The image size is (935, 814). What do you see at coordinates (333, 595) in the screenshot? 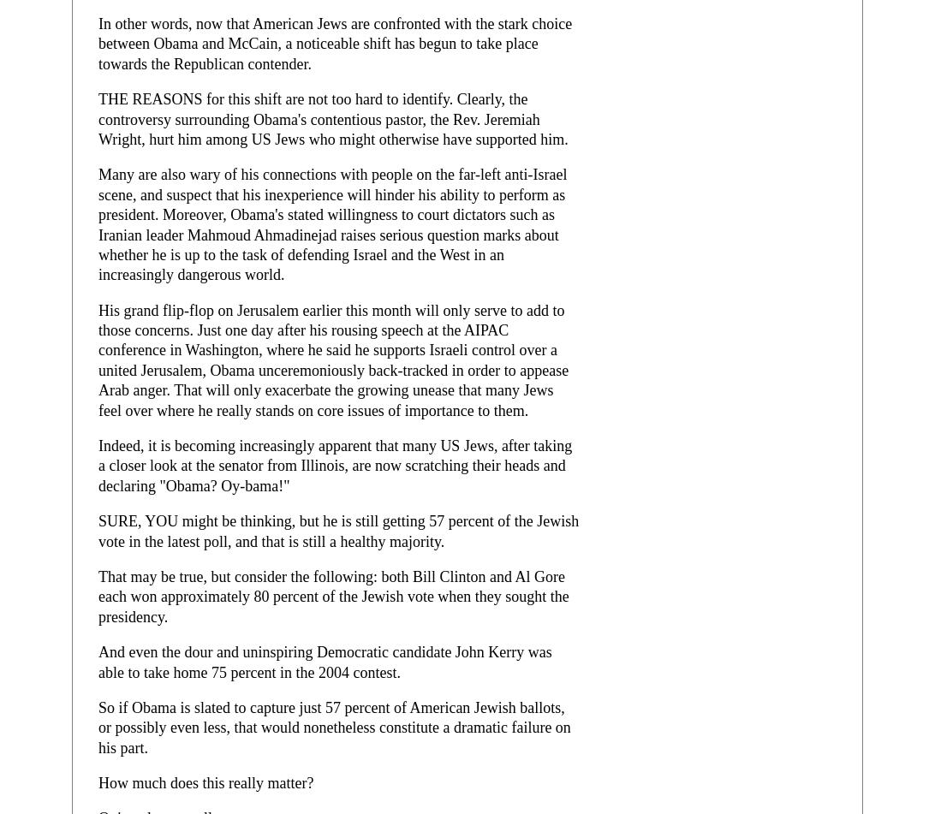
I see `'That may be true, but consider the following: both Bill Clinton and Al Gore each won approximately 80 percent of the Jewish vote when they sought the presidency.'` at bounding box center [333, 595].